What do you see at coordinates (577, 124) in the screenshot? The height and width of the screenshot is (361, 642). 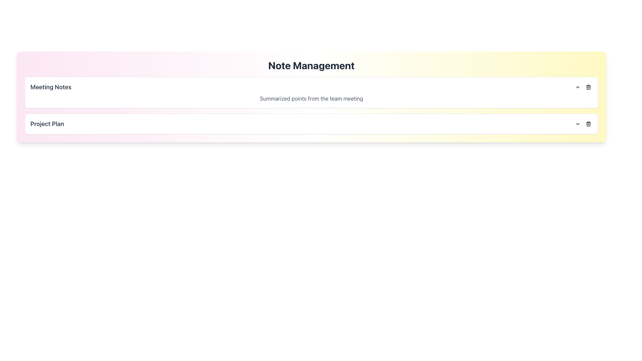 I see `the Dropdown chevron button located within the 'Project Plan' section` at bounding box center [577, 124].